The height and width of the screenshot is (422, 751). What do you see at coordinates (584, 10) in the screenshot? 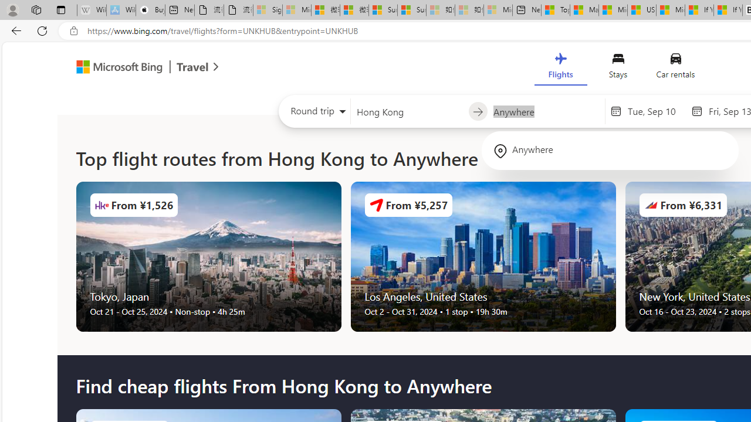
I see `'Marine life - MSN'` at bounding box center [584, 10].